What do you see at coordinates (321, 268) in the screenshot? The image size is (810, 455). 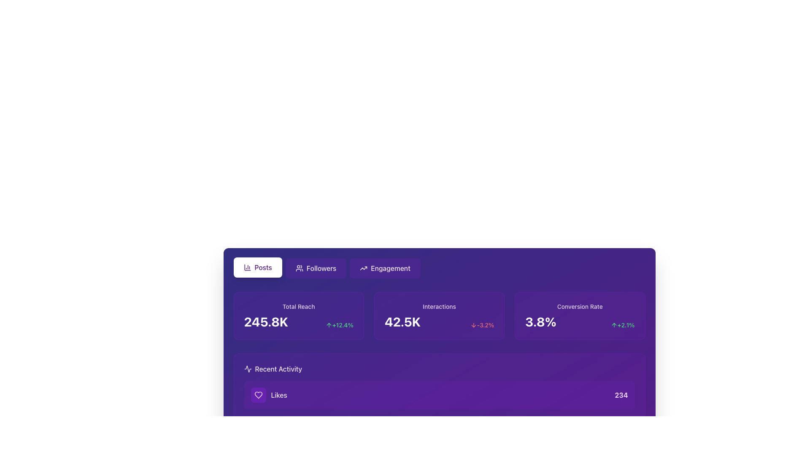 I see `the 'Followers' label, which is a medium-weight purple text on a rectangular button with softened corners, located in the upper row of navigation buttons` at bounding box center [321, 268].